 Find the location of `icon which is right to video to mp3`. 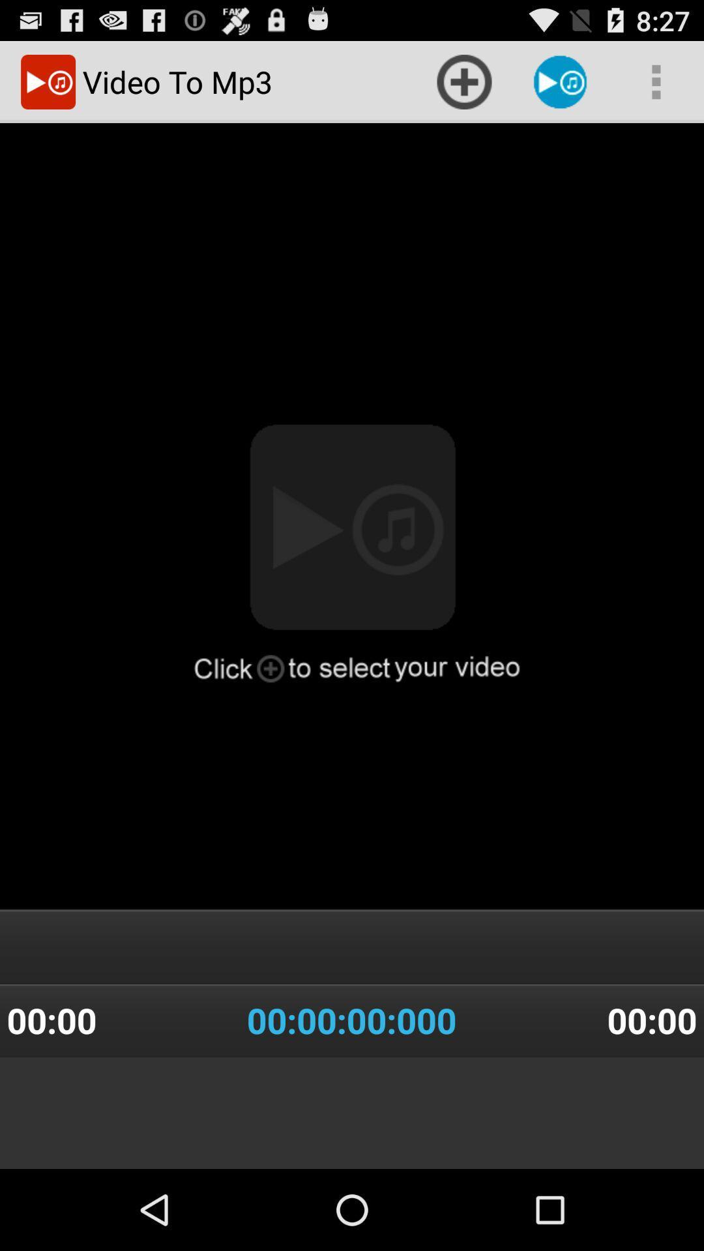

icon which is right to video to mp3 is located at coordinates (463, 81).